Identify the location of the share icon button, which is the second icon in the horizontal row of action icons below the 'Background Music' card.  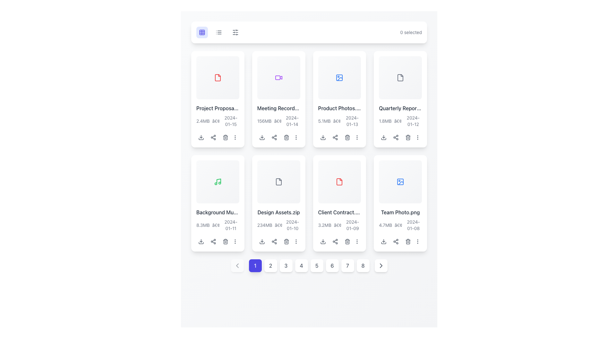
(213, 241).